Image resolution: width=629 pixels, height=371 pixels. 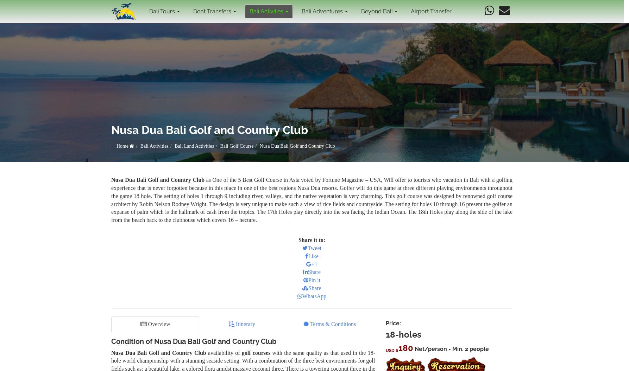 What do you see at coordinates (193, 341) in the screenshot?
I see `'Condition of Nusa Dua Bali Golf and Country Club'` at bounding box center [193, 341].